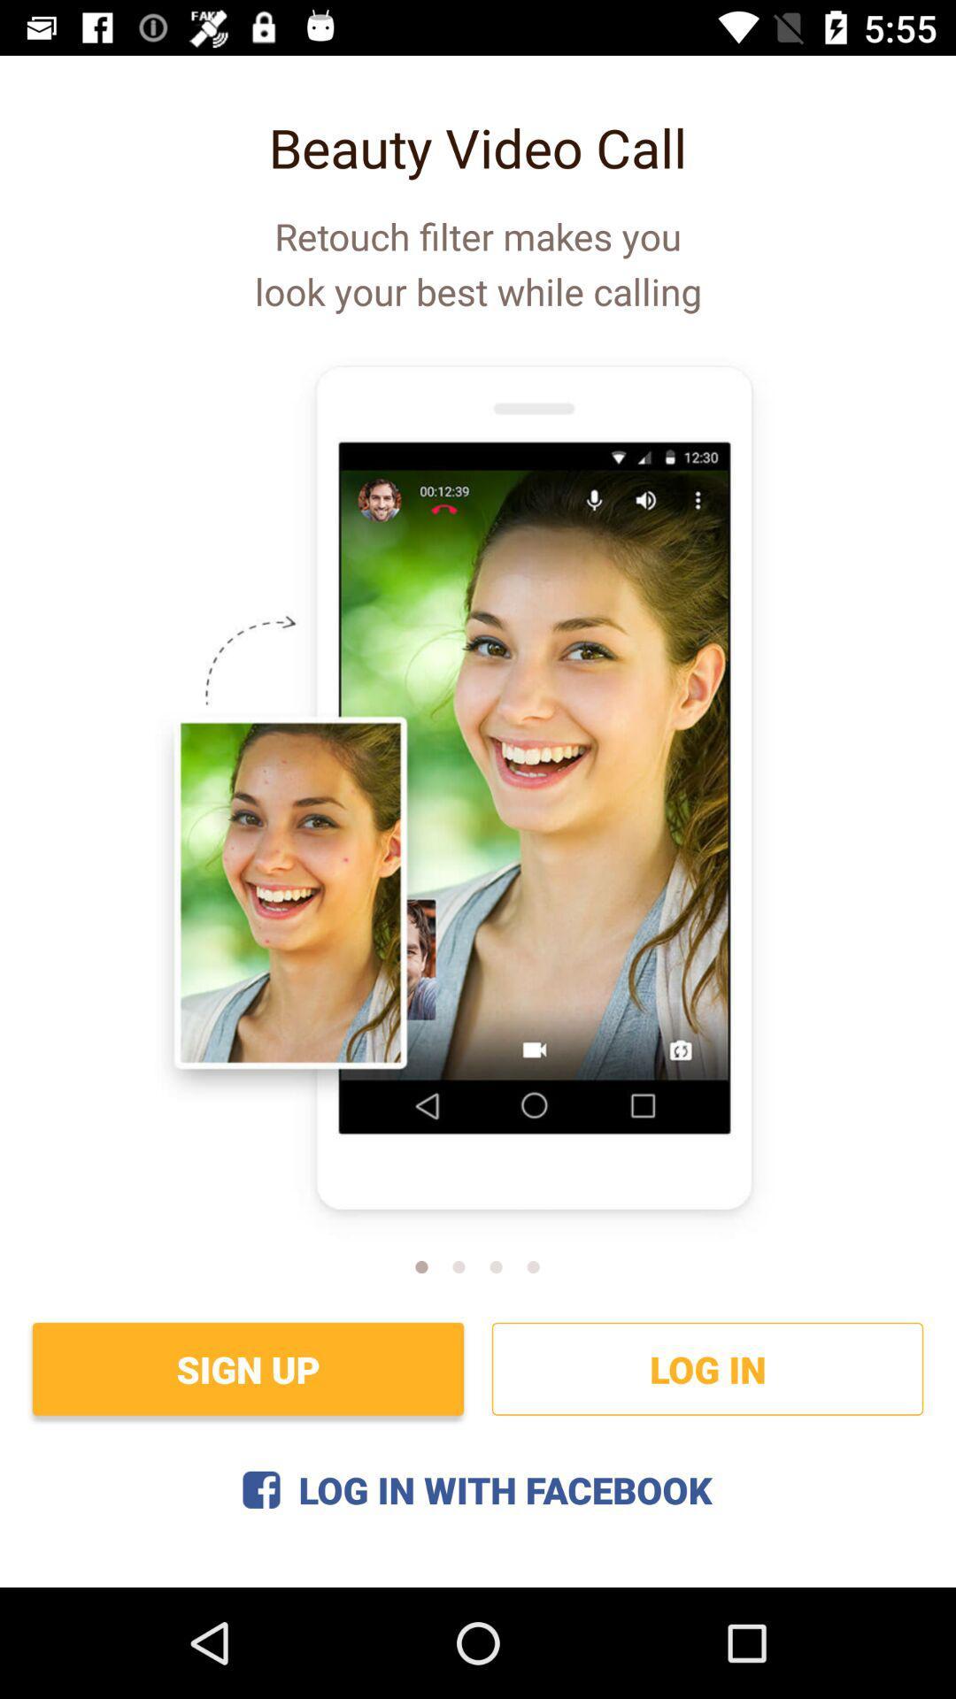 Image resolution: width=956 pixels, height=1699 pixels. Describe the element at coordinates (248, 1368) in the screenshot. I see `the sign up item` at that location.